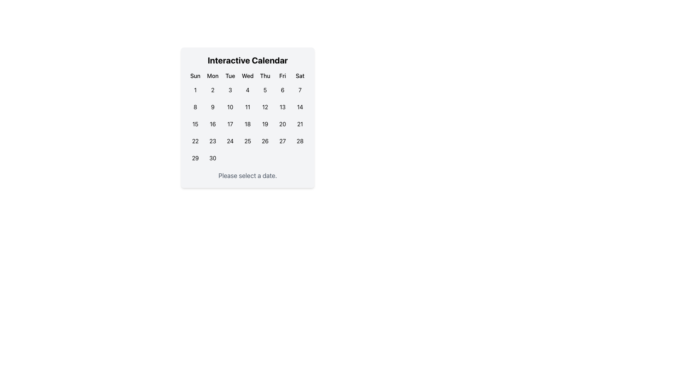 Image resolution: width=680 pixels, height=383 pixels. What do you see at coordinates (248, 107) in the screenshot?
I see `the calendar day button representing the date '11' located in the fourth column, third row of the calendar grid` at bounding box center [248, 107].